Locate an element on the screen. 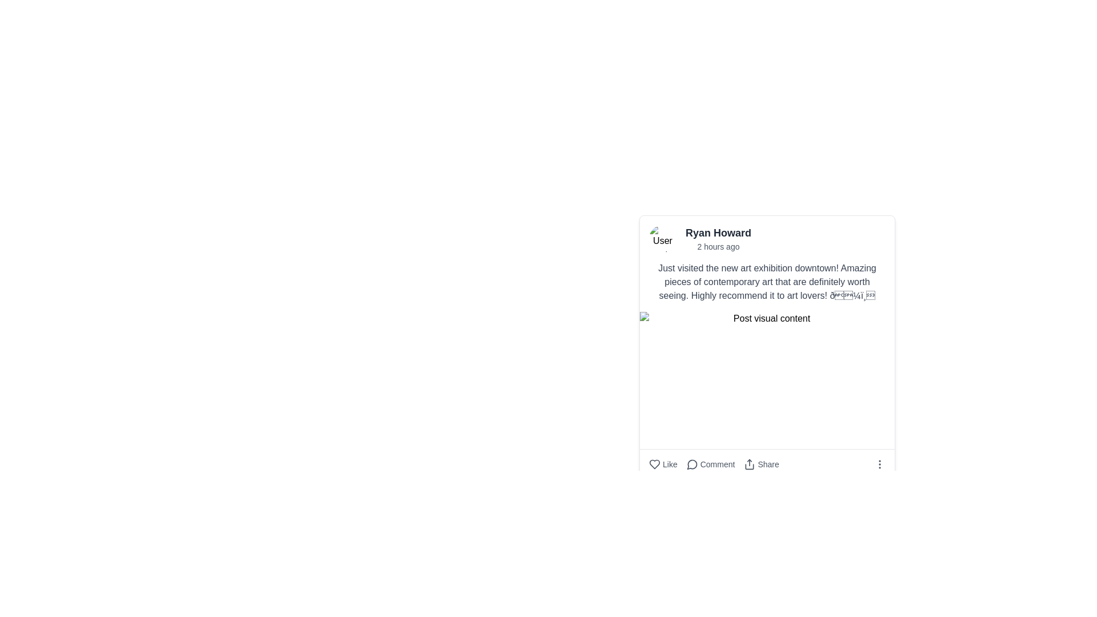 The height and width of the screenshot is (617, 1097). 'Like' text label, which is styled with a smaller font and positioned to the right of a heart-shaped icon, part of a clickable Like button is located at coordinates (670, 464).